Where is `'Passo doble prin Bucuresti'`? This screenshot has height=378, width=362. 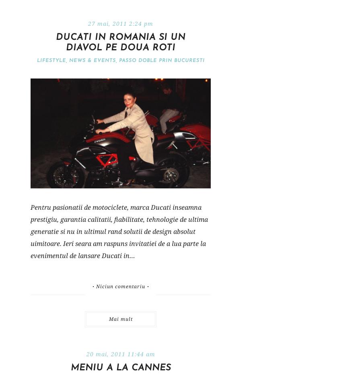
'Passo doble prin Bucuresti' is located at coordinates (161, 60).